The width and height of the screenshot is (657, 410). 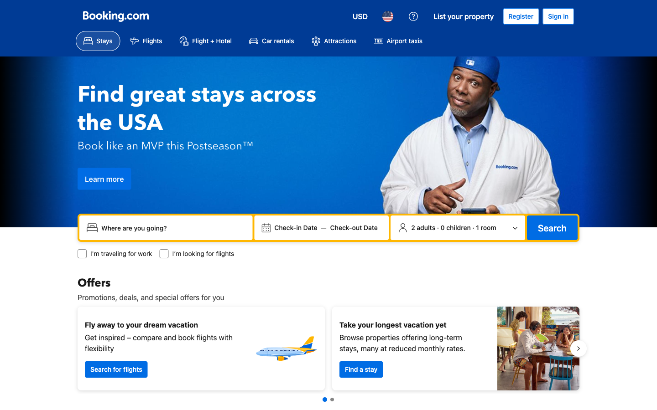 What do you see at coordinates (457, 227) in the screenshot?
I see `Adjust the resident count in the room` at bounding box center [457, 227].